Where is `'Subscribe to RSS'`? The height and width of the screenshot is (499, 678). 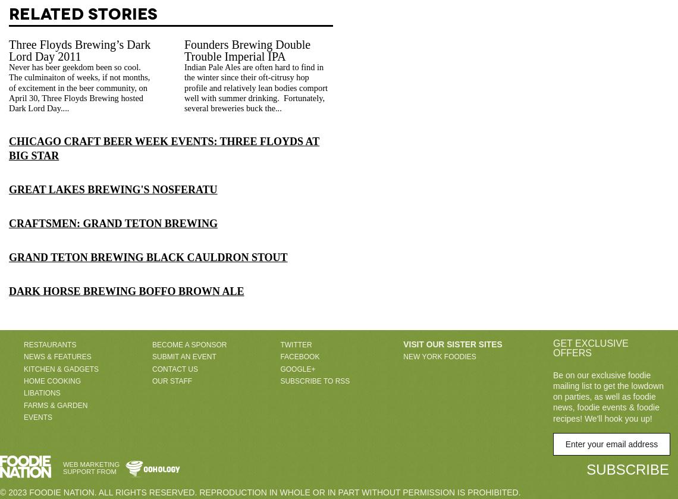
'Subscribe to RSS' is located at coordinates (280, 380).